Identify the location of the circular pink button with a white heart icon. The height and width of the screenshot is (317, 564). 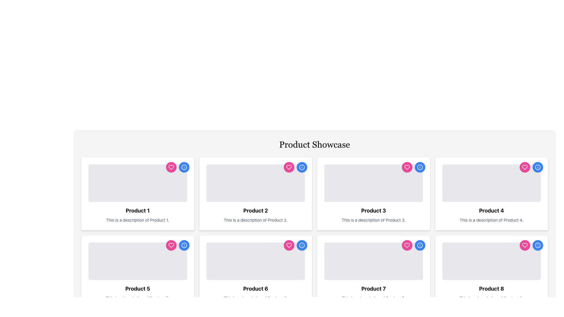
(407, 167).